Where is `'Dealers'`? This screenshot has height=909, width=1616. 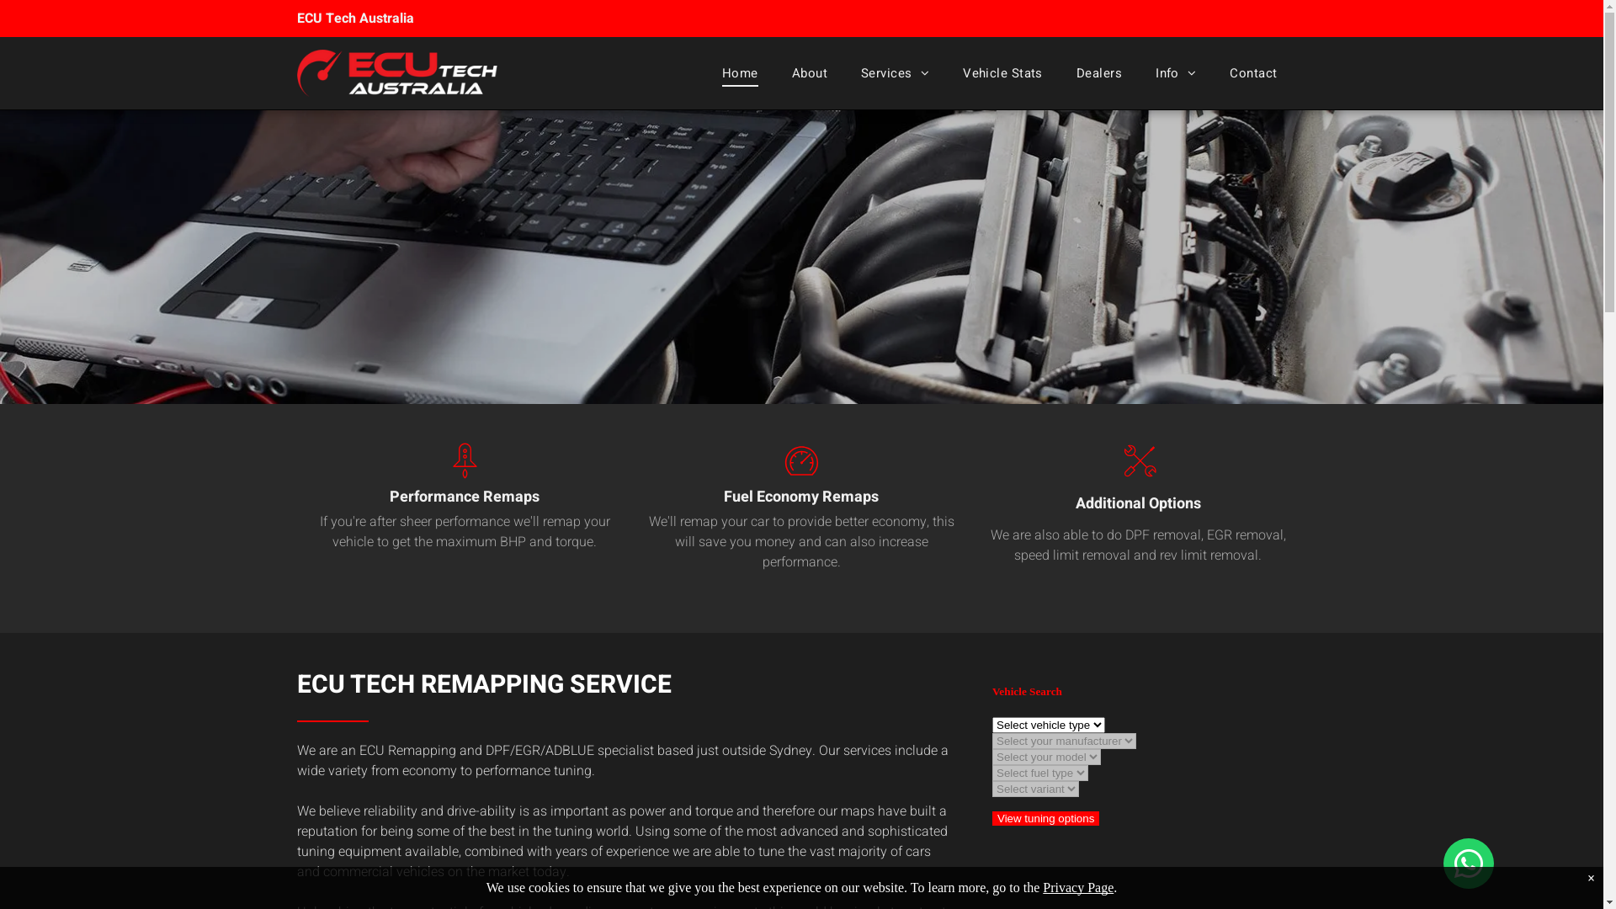
'Dealers' is located at coordinates (1098, 72).